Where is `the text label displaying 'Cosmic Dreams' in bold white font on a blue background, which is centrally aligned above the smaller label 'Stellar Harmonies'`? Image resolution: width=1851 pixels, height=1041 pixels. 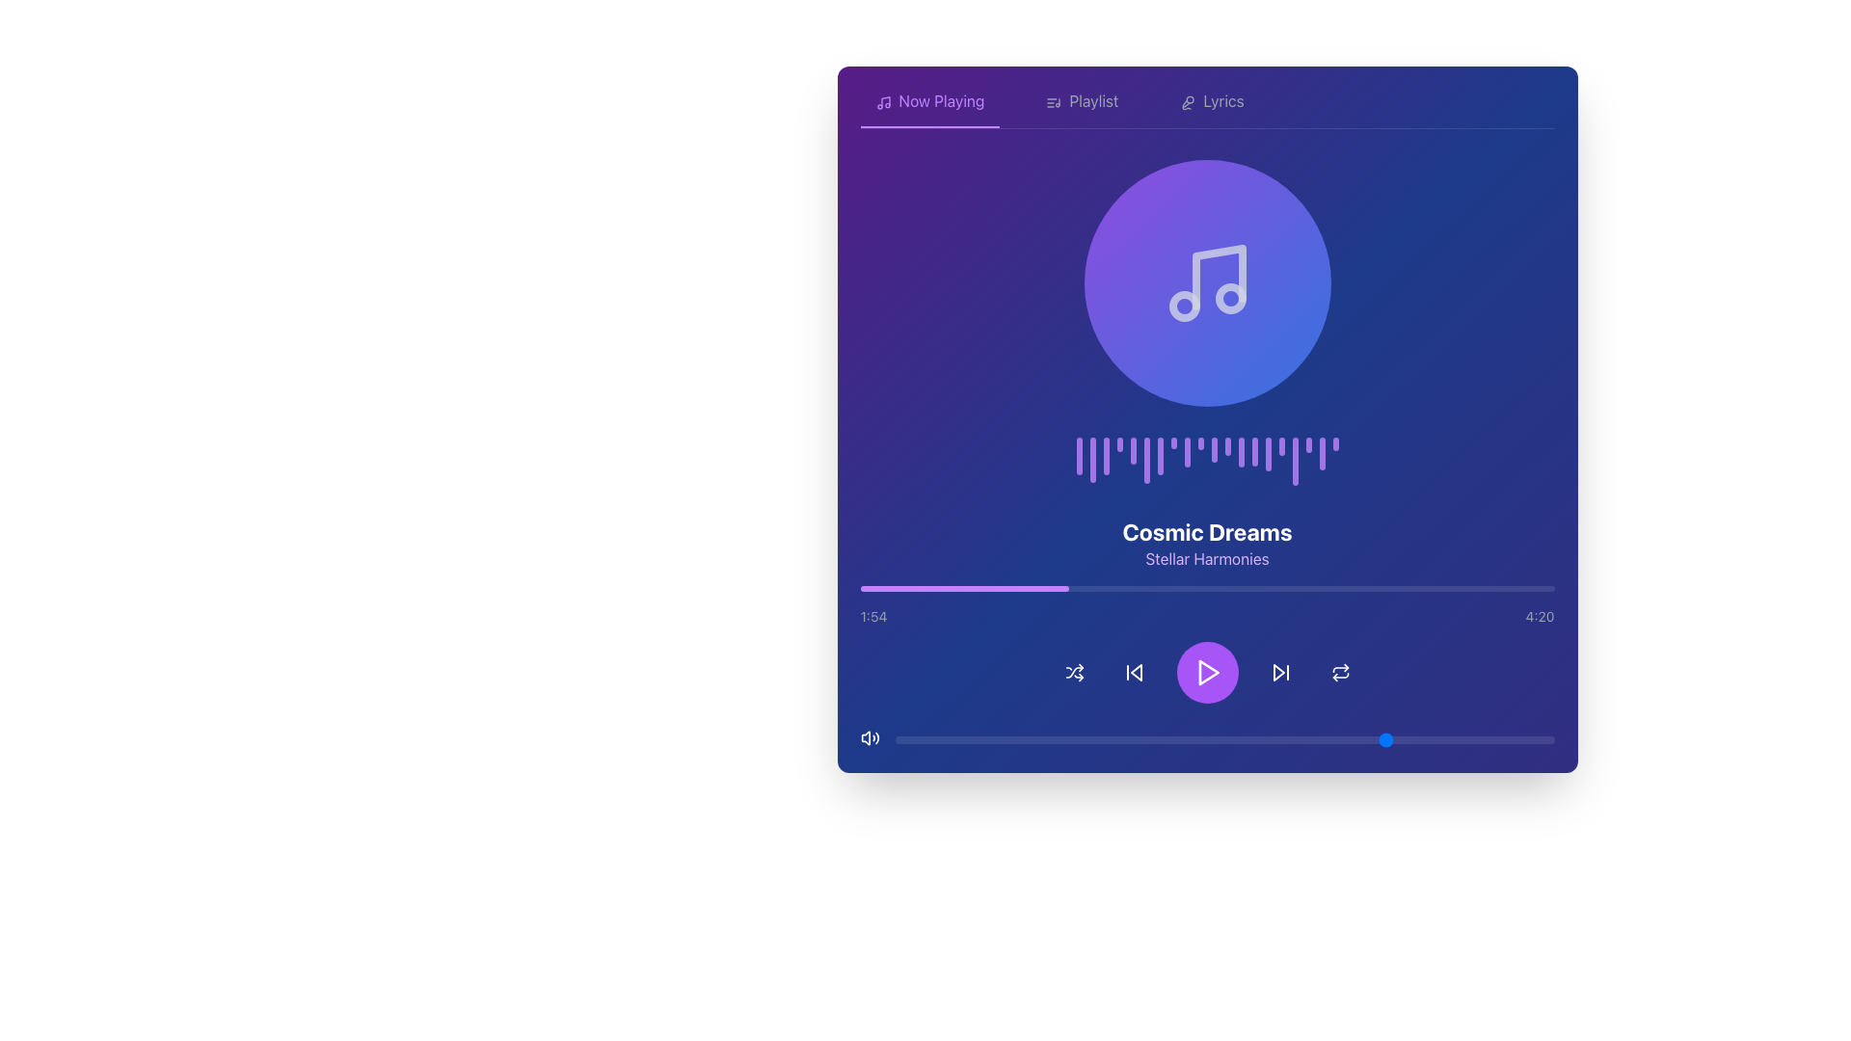
the text label displaying 'Cosmic Dreams' in bold white font on a blue background, which is centrally aligned above the smaller label 'Stellar Harmonies' is located at coordinates (1206, 531).